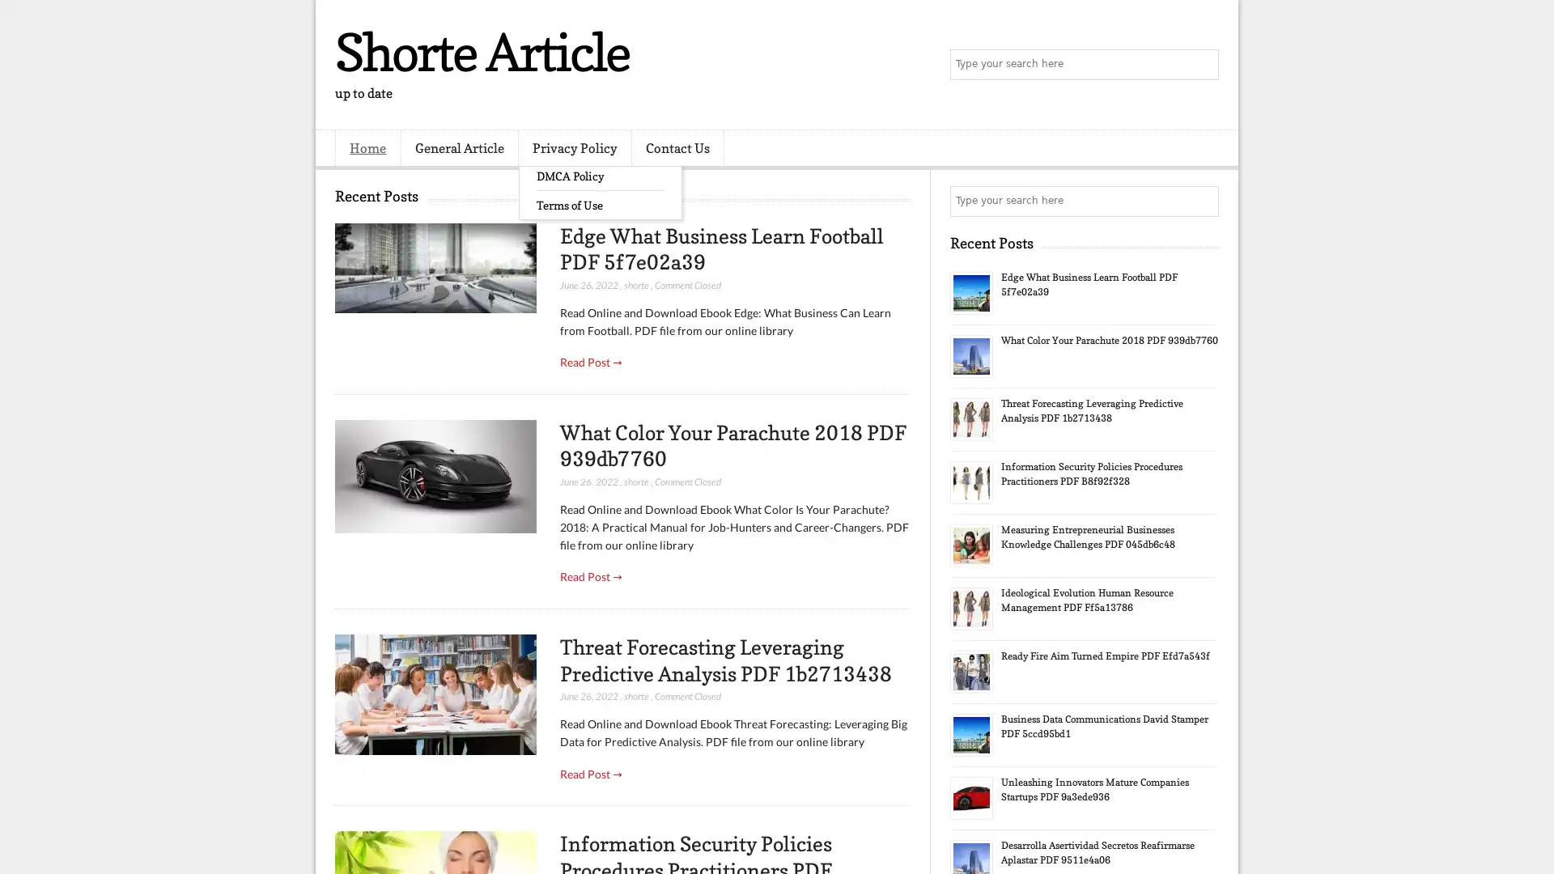  I want to click on Search, so click(1202, 65).